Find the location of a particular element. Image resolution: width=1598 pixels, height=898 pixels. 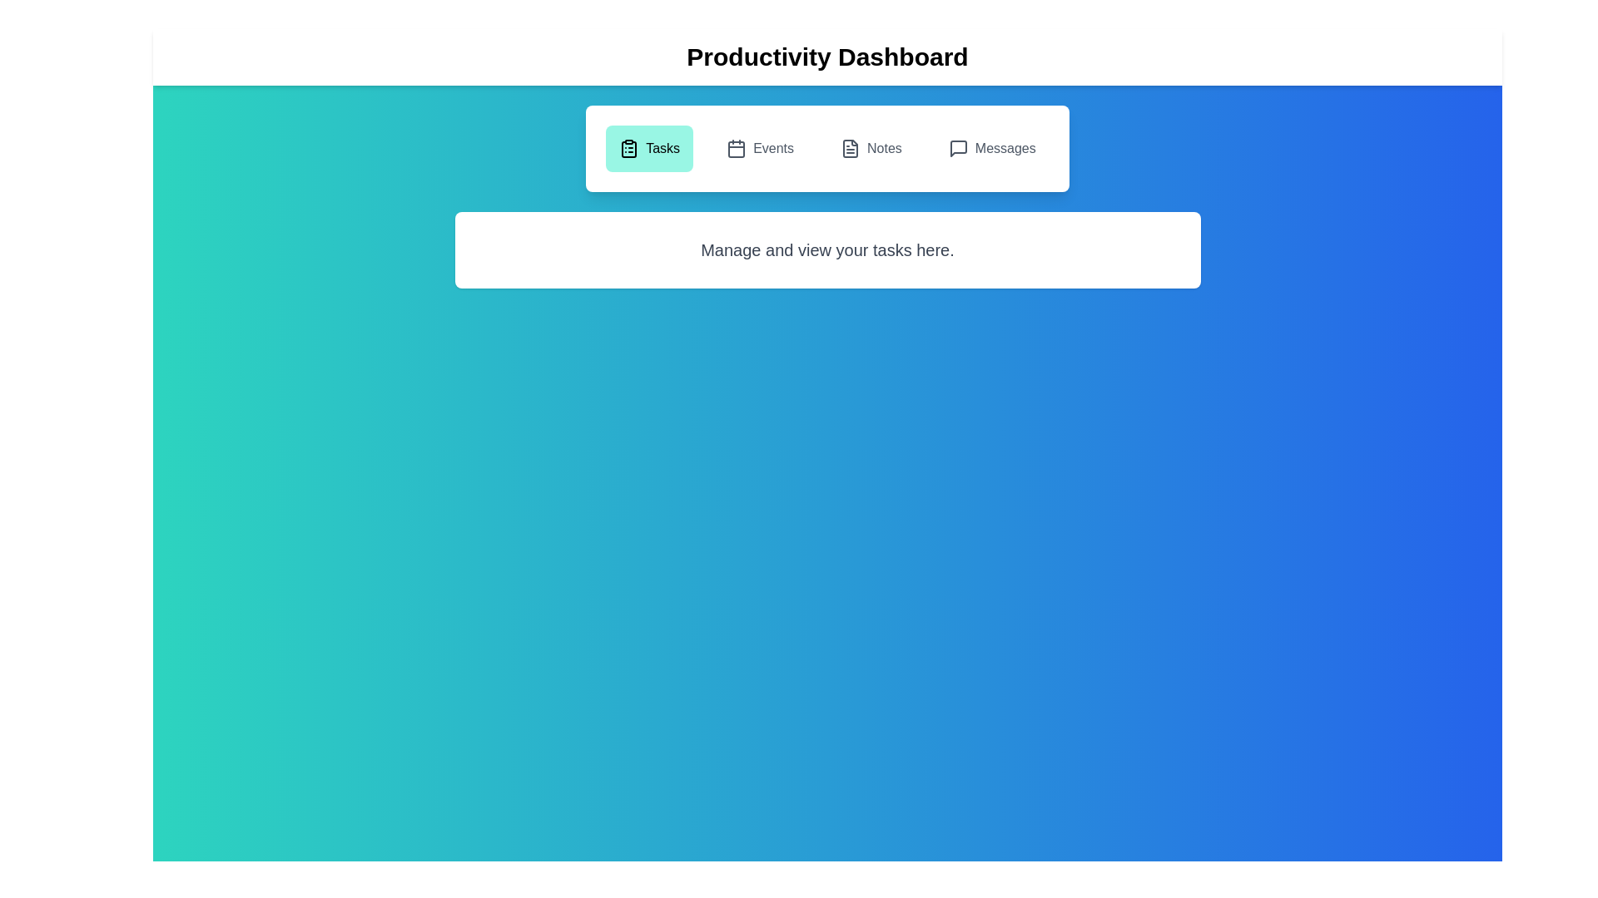

the Notes tab is located at coordinates (870, 147).